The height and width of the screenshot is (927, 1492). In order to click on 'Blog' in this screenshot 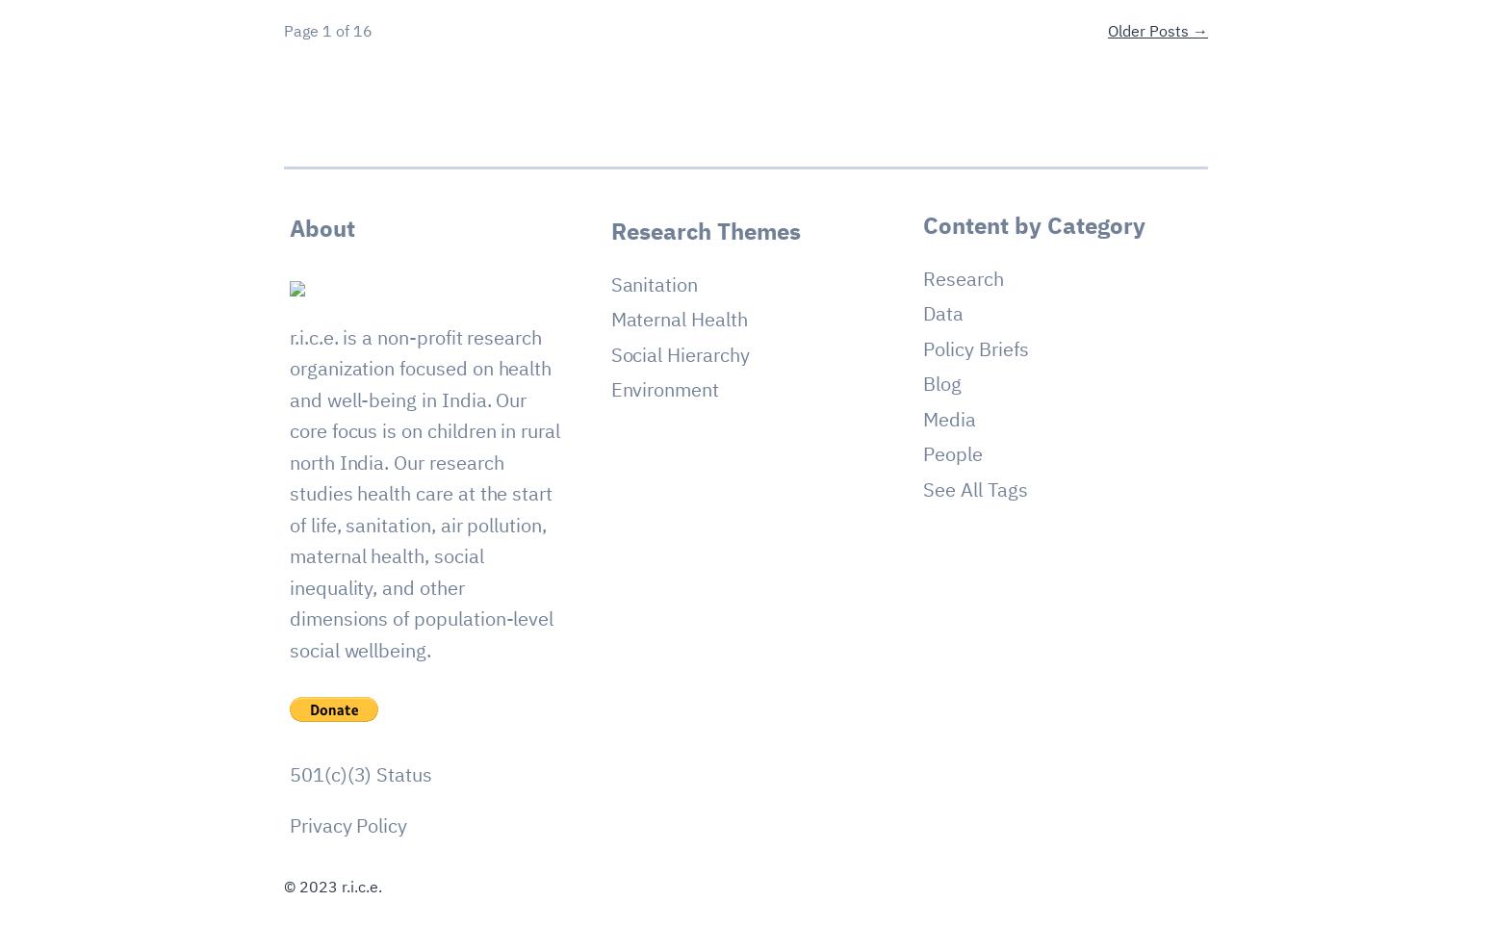, I will do `click(940, 383)`.